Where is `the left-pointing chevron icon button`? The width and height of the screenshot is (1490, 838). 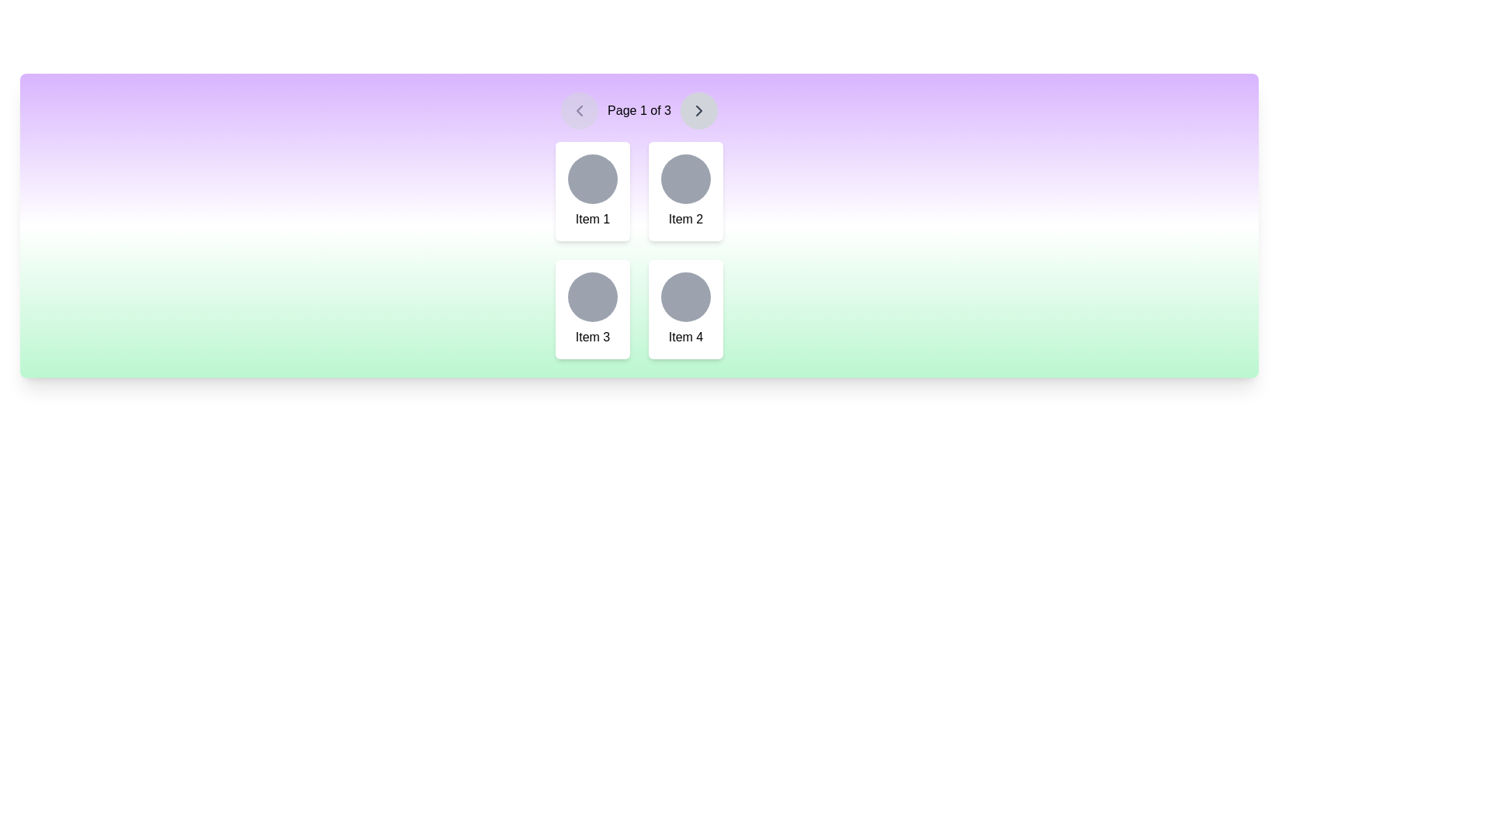 the left-pointing chevron icon button is located at coordinates (579, 109).